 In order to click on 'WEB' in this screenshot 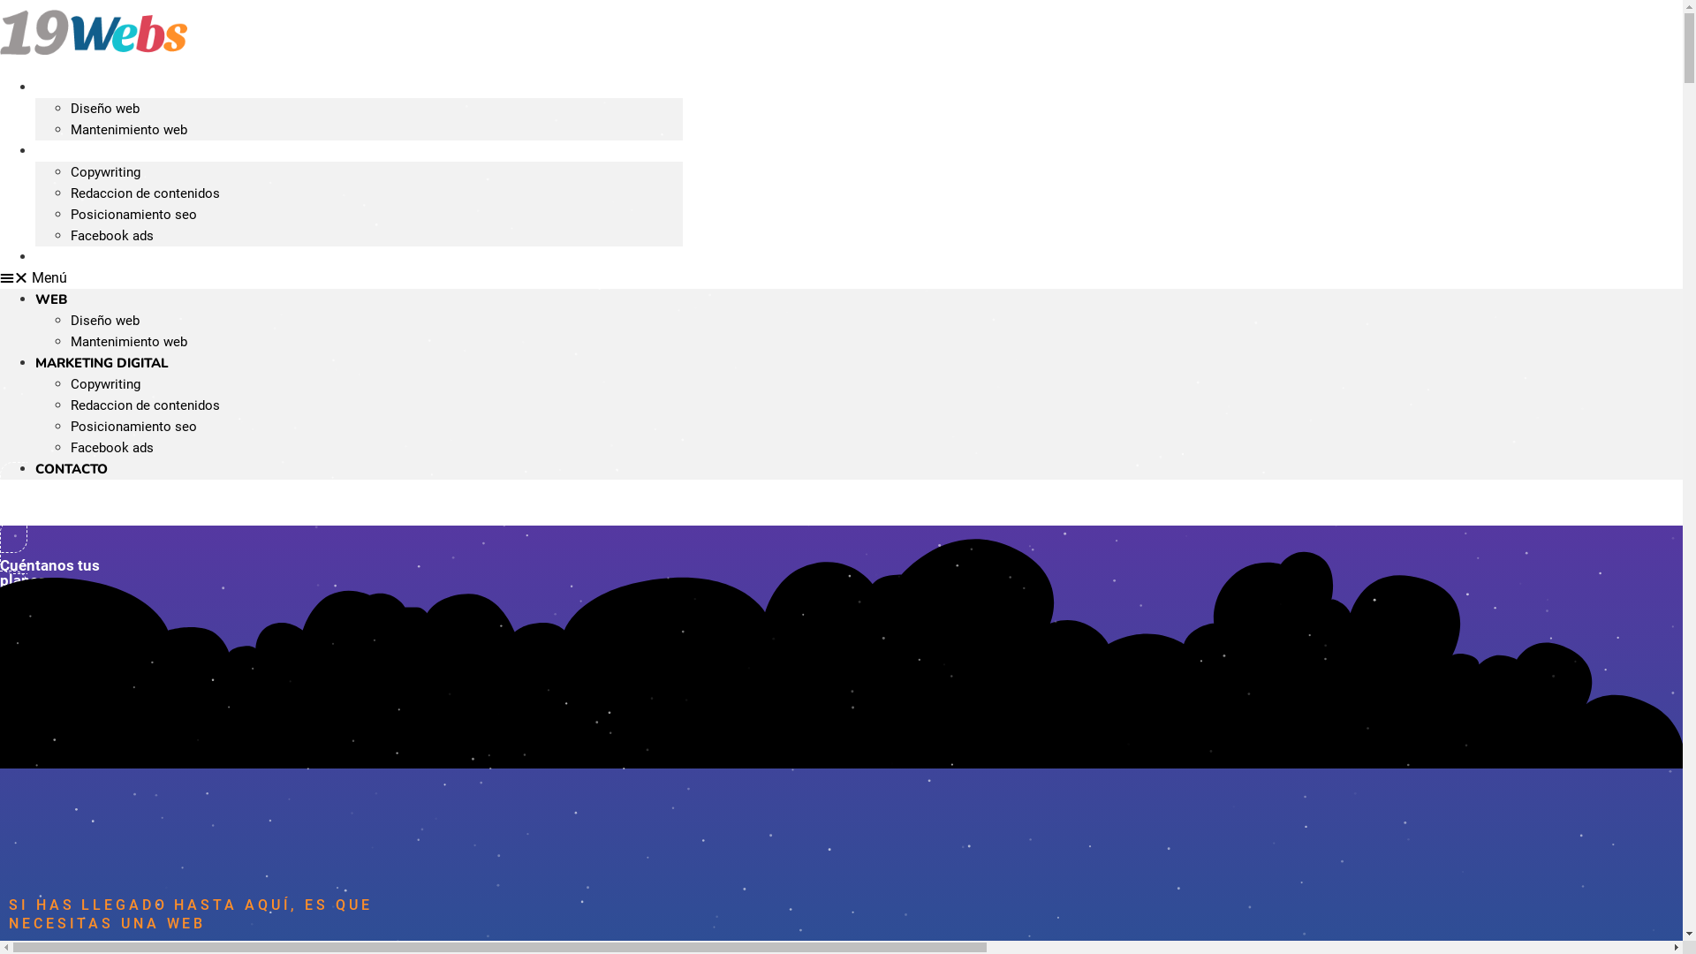, I will do `click(50, 299)`.